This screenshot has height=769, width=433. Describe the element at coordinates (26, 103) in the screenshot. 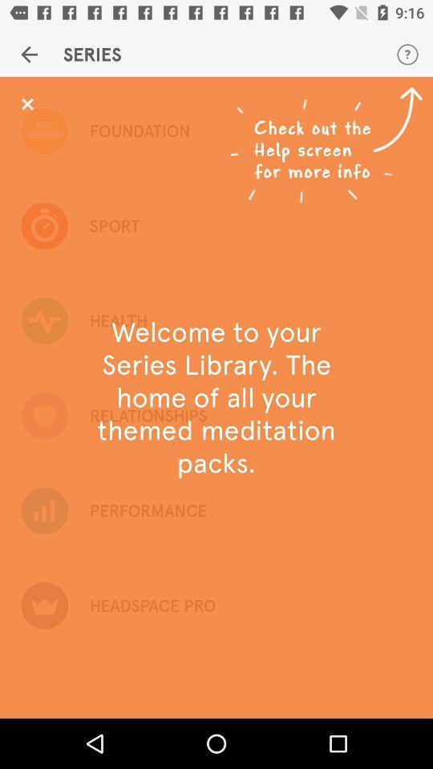

I see `help` at that location.